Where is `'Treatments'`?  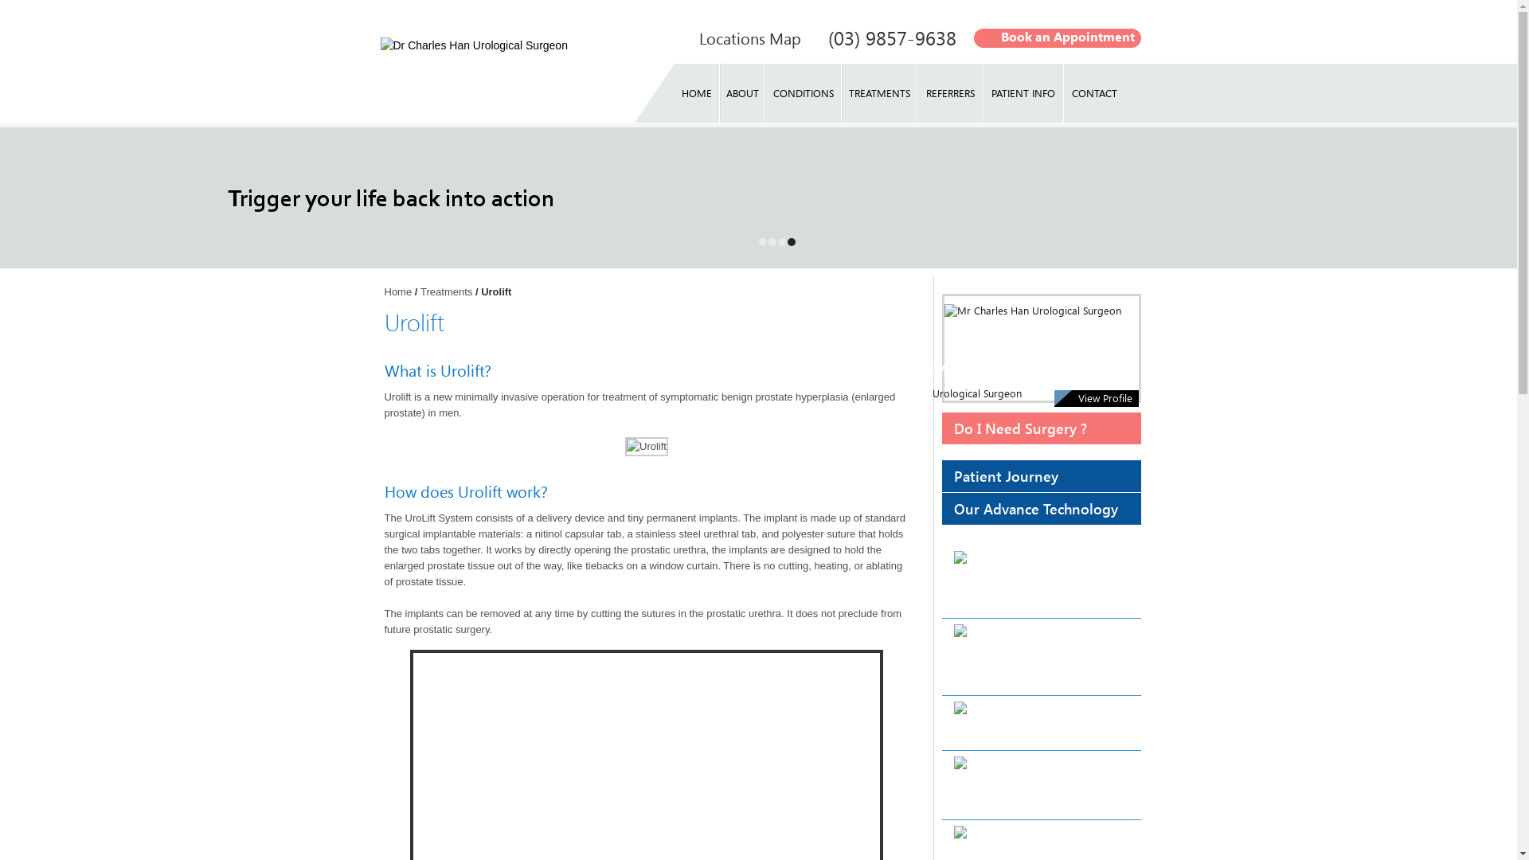 'Treatments' is located at coordinates (420, 291).